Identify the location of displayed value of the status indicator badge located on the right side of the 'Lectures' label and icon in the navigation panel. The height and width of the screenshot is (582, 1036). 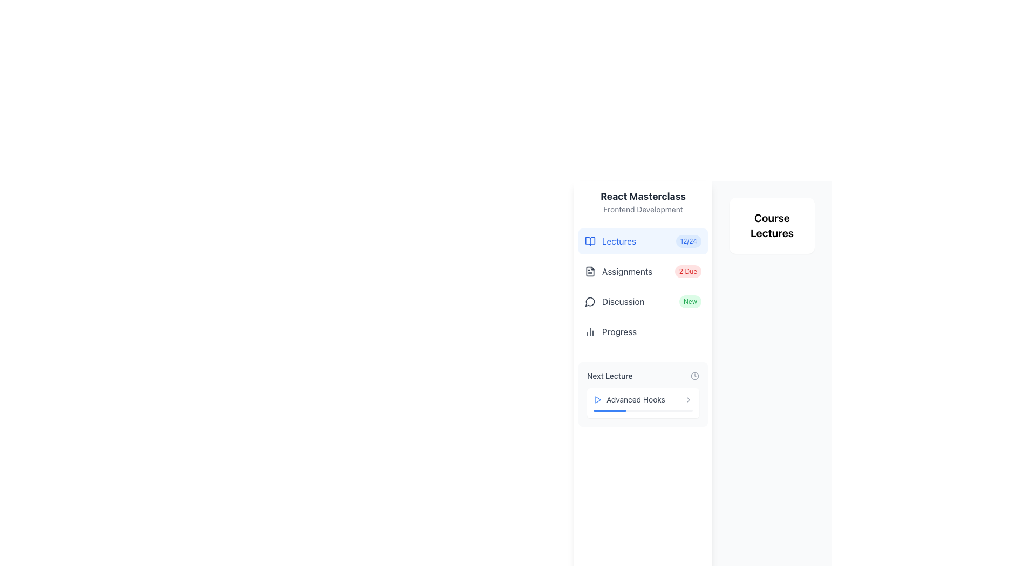
(688, 240).